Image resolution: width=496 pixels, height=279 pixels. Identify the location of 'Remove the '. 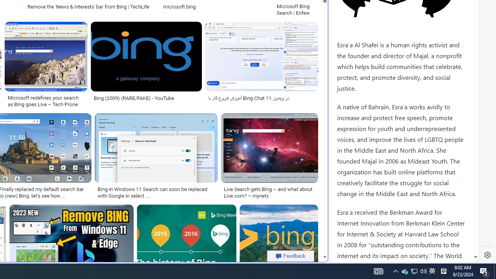
(90, 6).